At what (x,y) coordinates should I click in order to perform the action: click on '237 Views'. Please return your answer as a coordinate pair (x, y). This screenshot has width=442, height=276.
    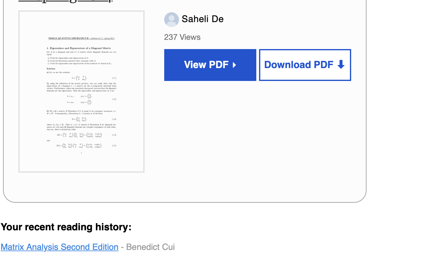
    Looking at the image, I should click on (184, 37).